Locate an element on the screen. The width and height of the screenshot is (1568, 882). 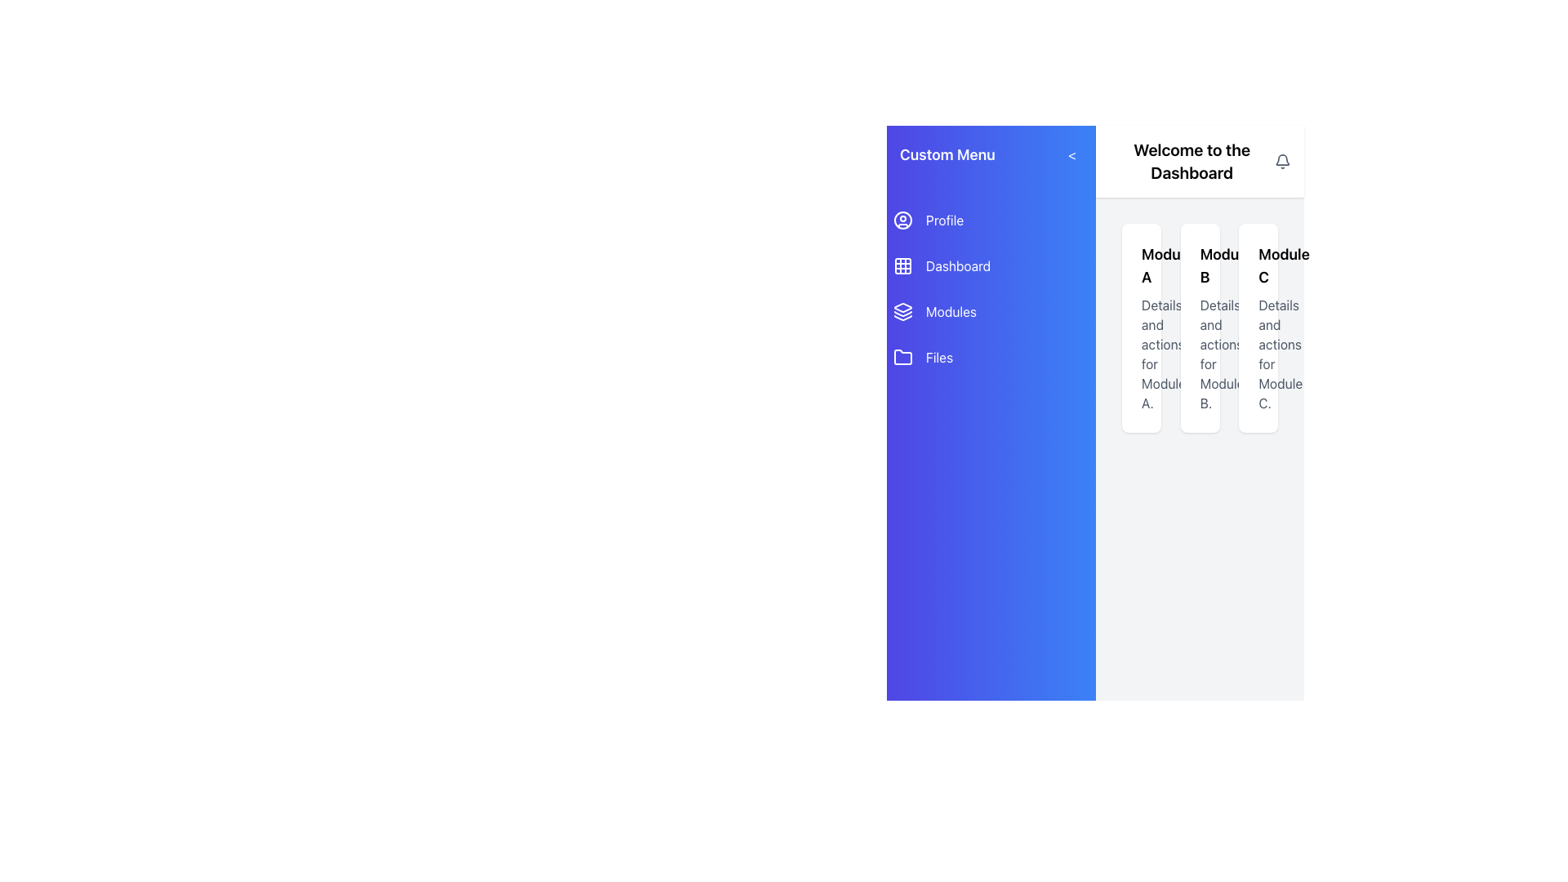
the 'Files' icon in the 'Custom Menu' navigation, which is the fourth item in the vertical list following 'Profile', 'Dashboard', and 'Modules' is located at coordinates (902, 356).